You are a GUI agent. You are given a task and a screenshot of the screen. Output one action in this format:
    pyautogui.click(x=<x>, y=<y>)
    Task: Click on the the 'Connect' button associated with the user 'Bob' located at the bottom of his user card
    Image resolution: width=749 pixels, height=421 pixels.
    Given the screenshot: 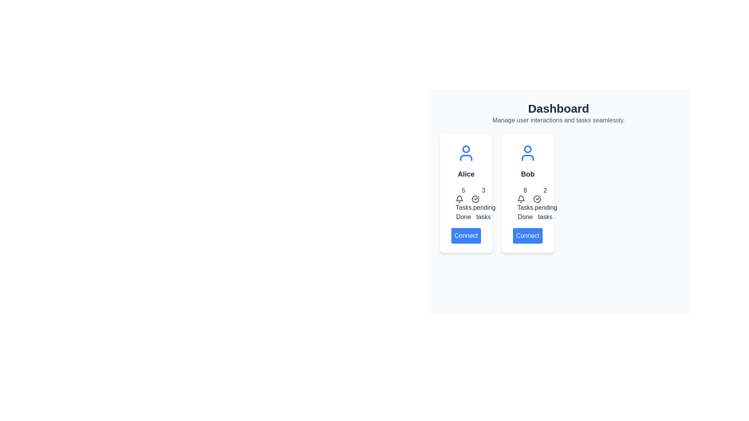 What is the action you would take?
    pyautogui.click(x=528, y=235)
    